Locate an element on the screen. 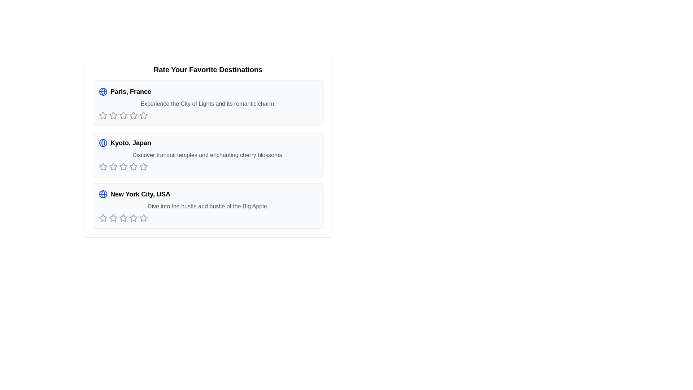 Image resolution: width=693 pixels, height=390 pixels. descriptive text located beneath the title 'Paris, France' in the section titled 'Rate Your Favorite Destinations.' is located at coordinates (208, 104).